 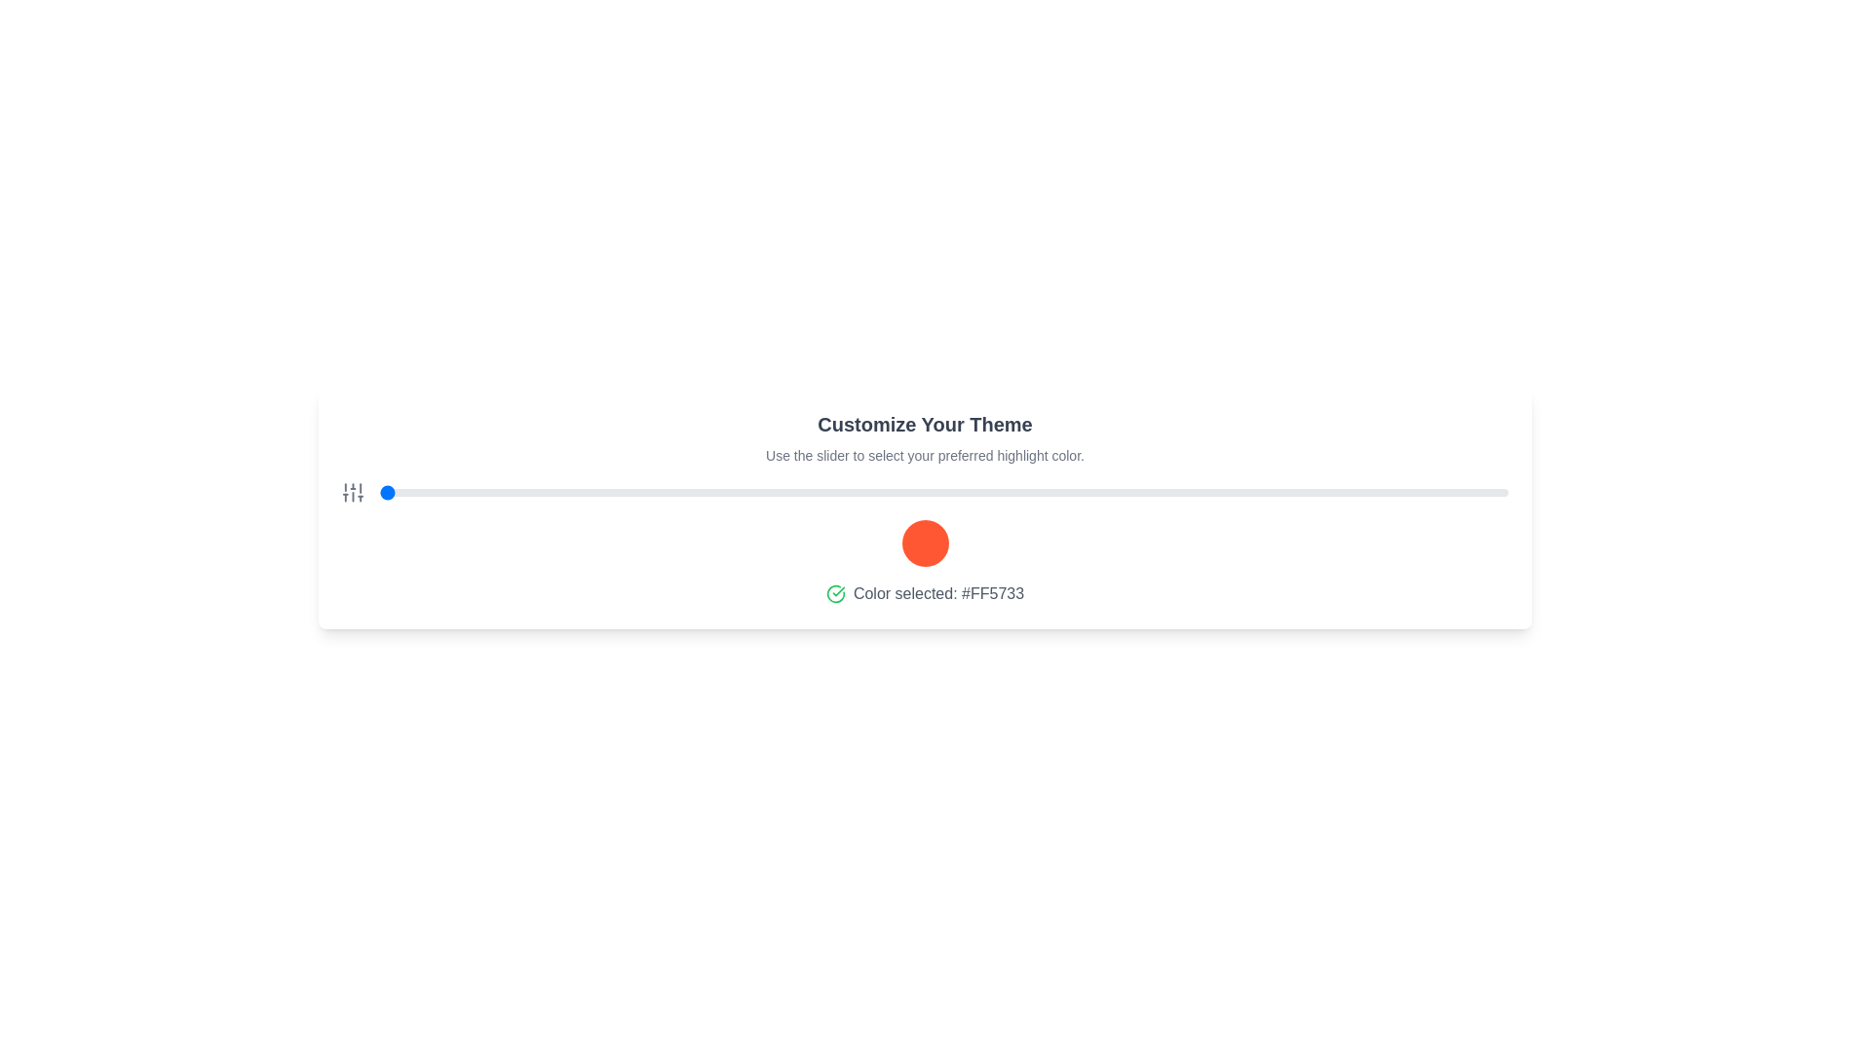 I want to click on the slider, so click(x=398, y=491).